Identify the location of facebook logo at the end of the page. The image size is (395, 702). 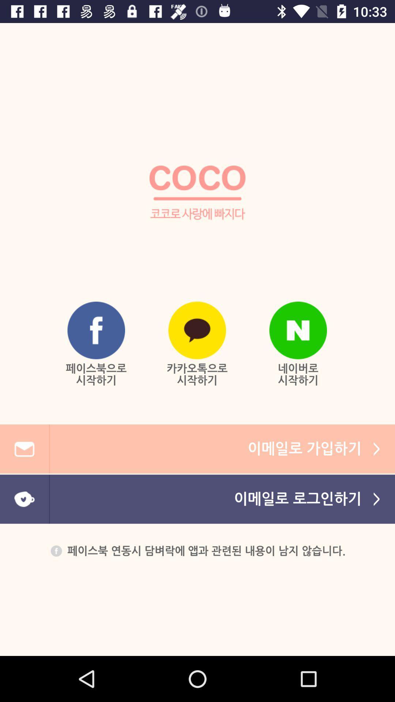
(56, 551).